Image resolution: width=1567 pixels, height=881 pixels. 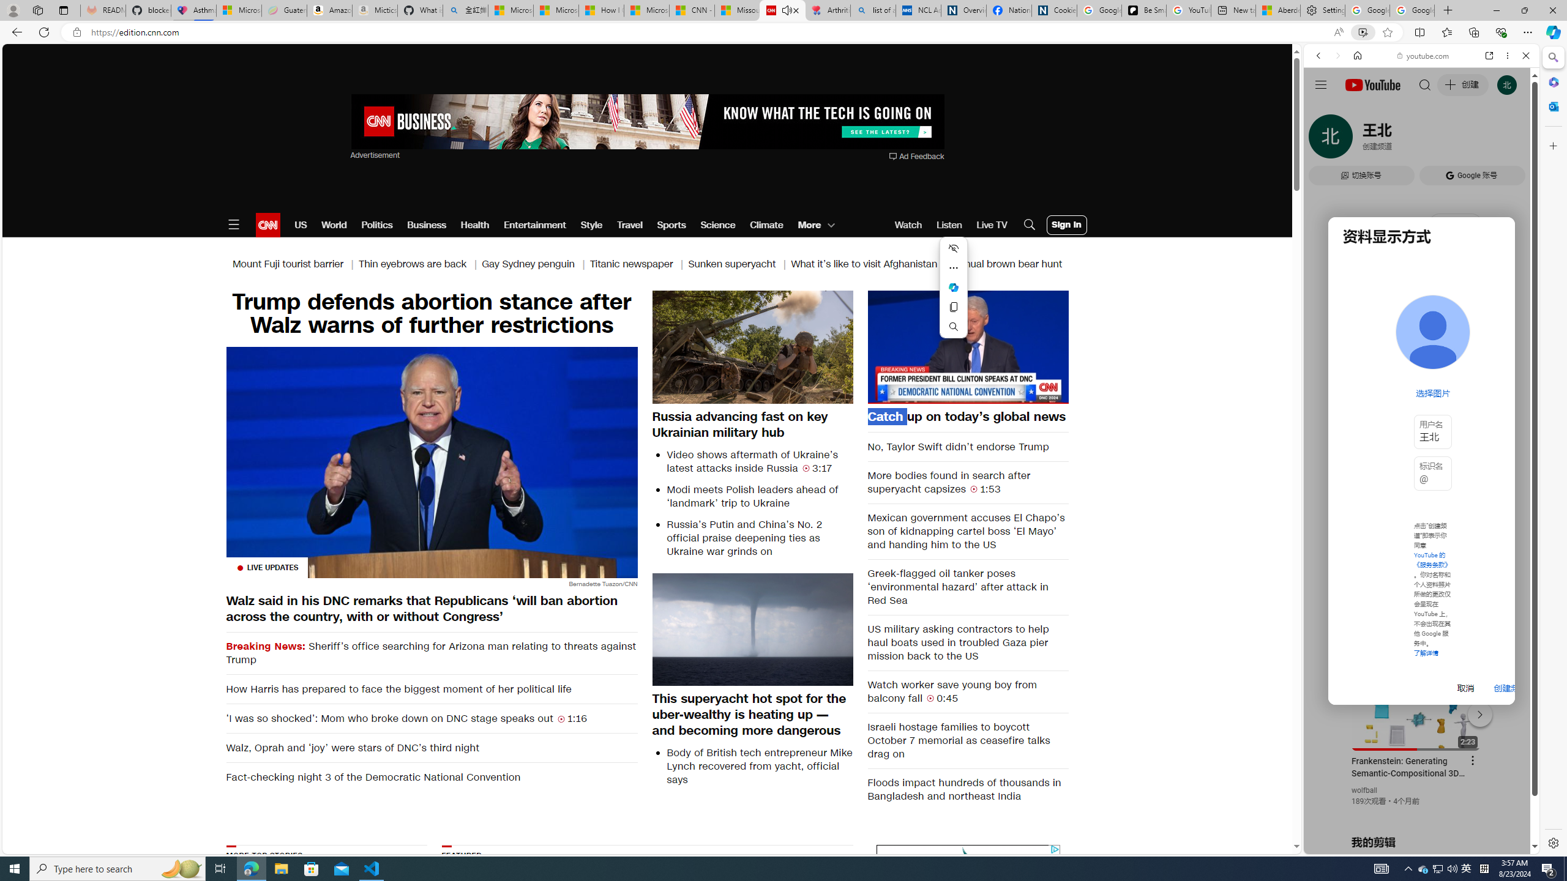 What do you see at coordinates (1050, 393) in the screenshot?
I see `'Fullscreen'` at bounding box center [1050, 393].